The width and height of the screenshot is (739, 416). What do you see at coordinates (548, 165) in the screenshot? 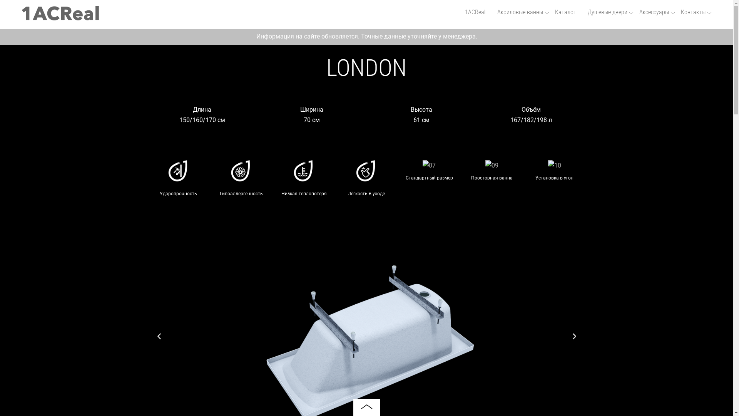
I see `'10'` at bounding box center [548, 165].